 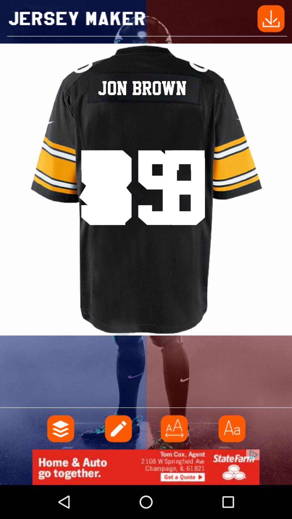 What do you see at coordinates (61, 428) in the screenshot?
I see `your files` at bounding box center [61, 428].